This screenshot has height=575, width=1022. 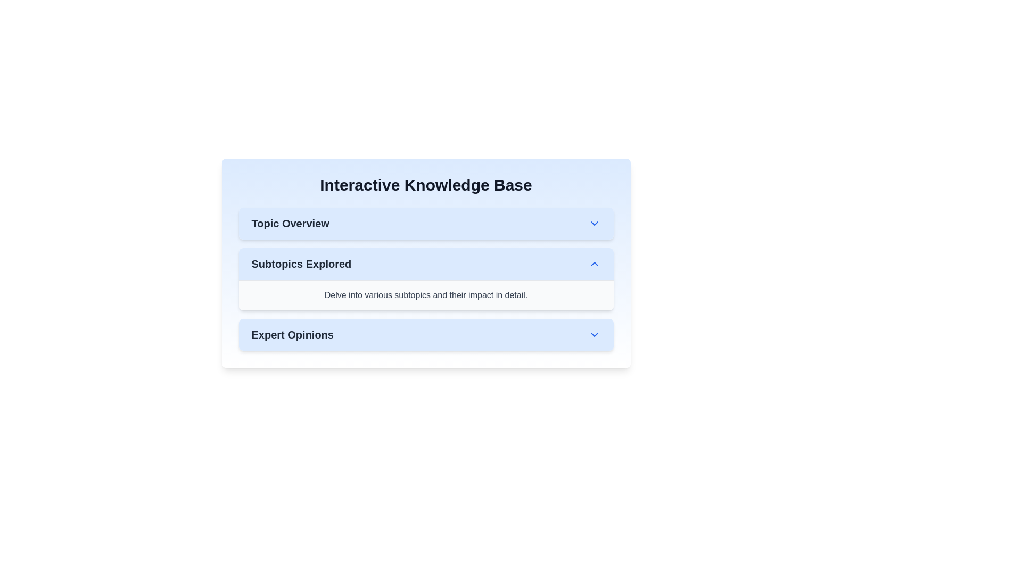 I want to click on the 'Subtopics Explored' collapsible section, so click(x=426, y=278).